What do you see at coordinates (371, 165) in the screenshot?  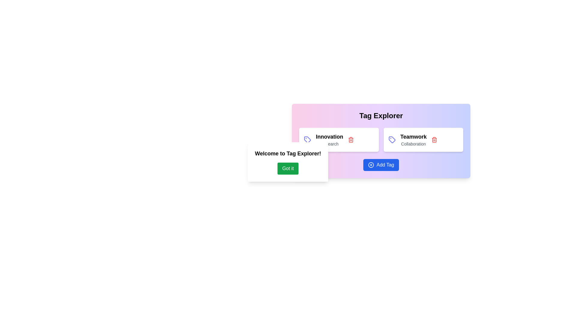 I see `the 'Add Tag' icon located` at bounding box center [371, 165].